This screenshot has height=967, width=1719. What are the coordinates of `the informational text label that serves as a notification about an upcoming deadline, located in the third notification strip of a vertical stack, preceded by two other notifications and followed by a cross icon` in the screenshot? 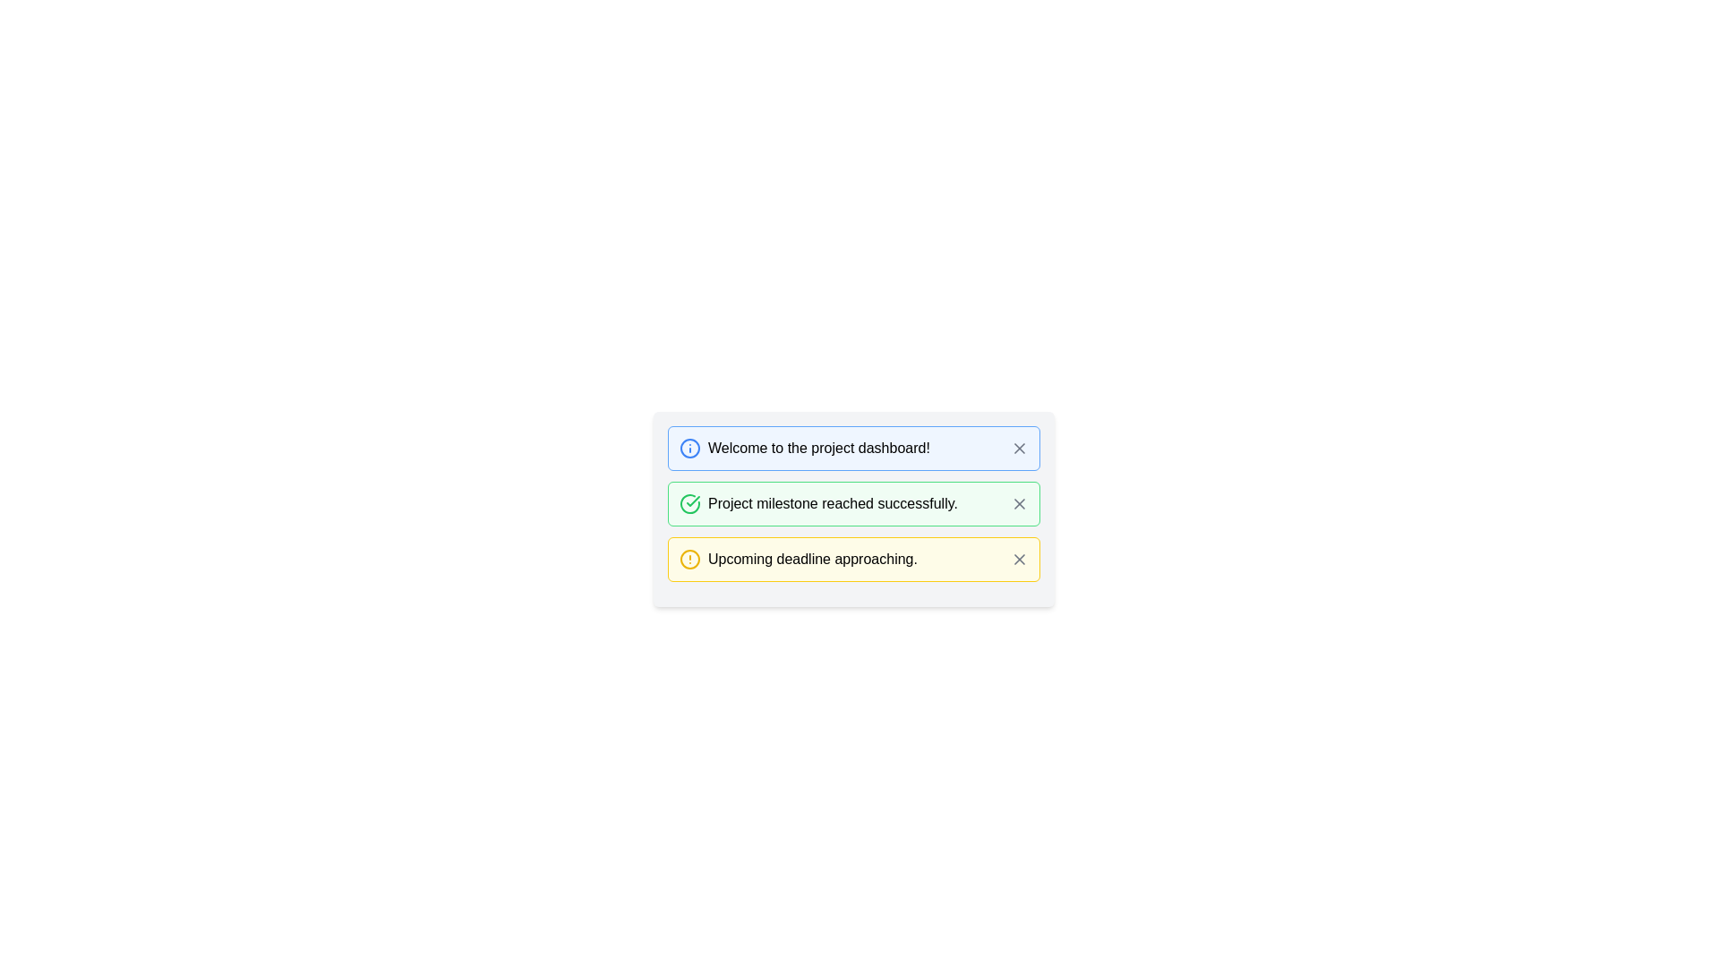 It's located at (811, 558).